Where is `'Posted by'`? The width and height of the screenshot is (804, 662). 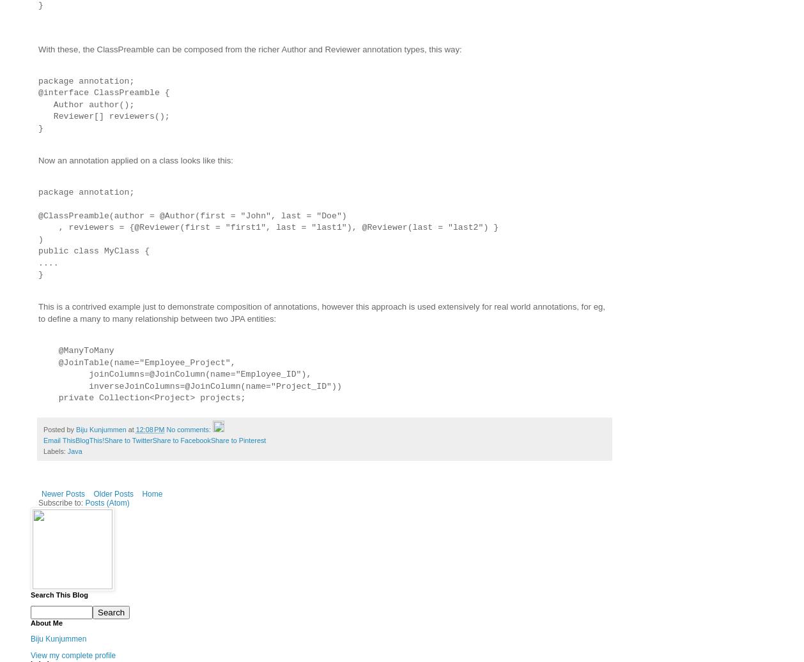
'Posted by' is located at coordinates (59, 428).